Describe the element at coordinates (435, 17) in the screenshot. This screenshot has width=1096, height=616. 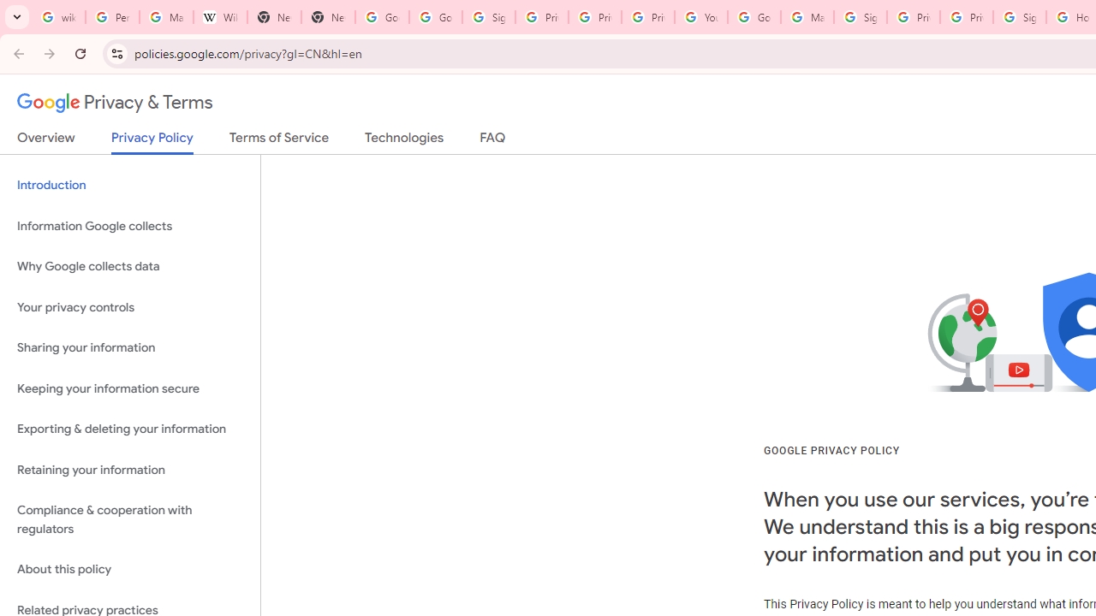
I see `'Google Drive: Sign-in'` at that location.